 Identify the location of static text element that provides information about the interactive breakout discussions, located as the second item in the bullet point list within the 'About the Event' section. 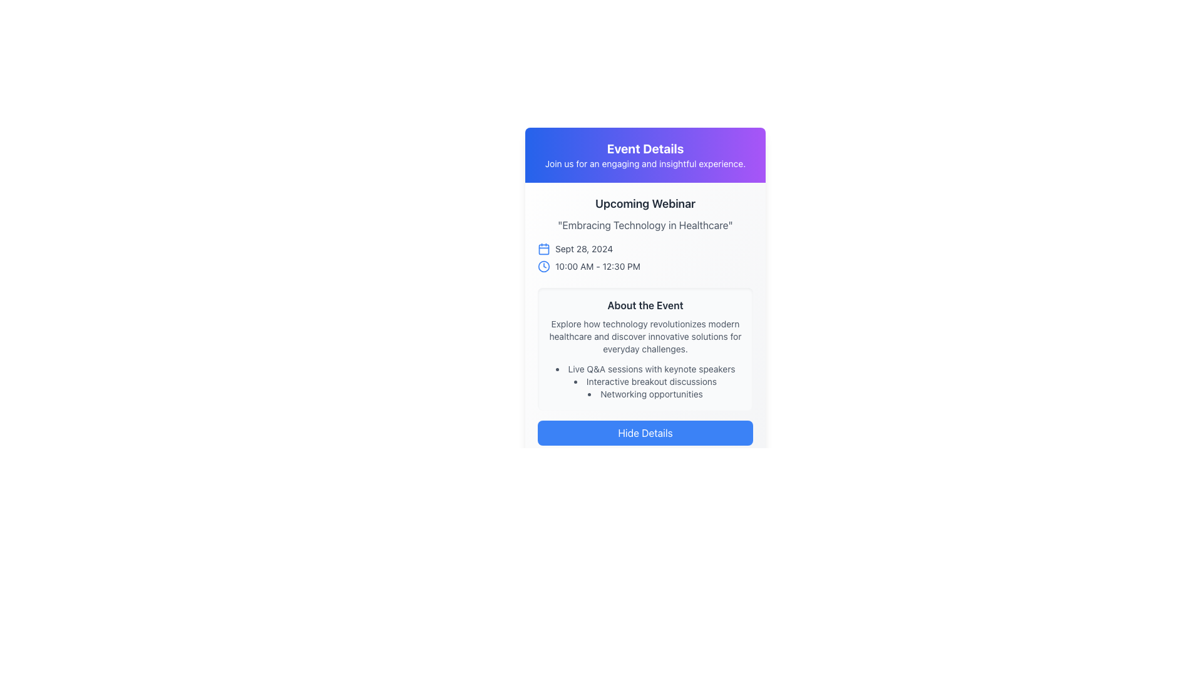
(645, 381).